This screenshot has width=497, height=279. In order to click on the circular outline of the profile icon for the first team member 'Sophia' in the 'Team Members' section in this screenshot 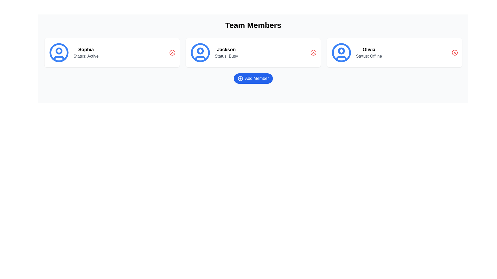, I will do `click(59, 53)`.